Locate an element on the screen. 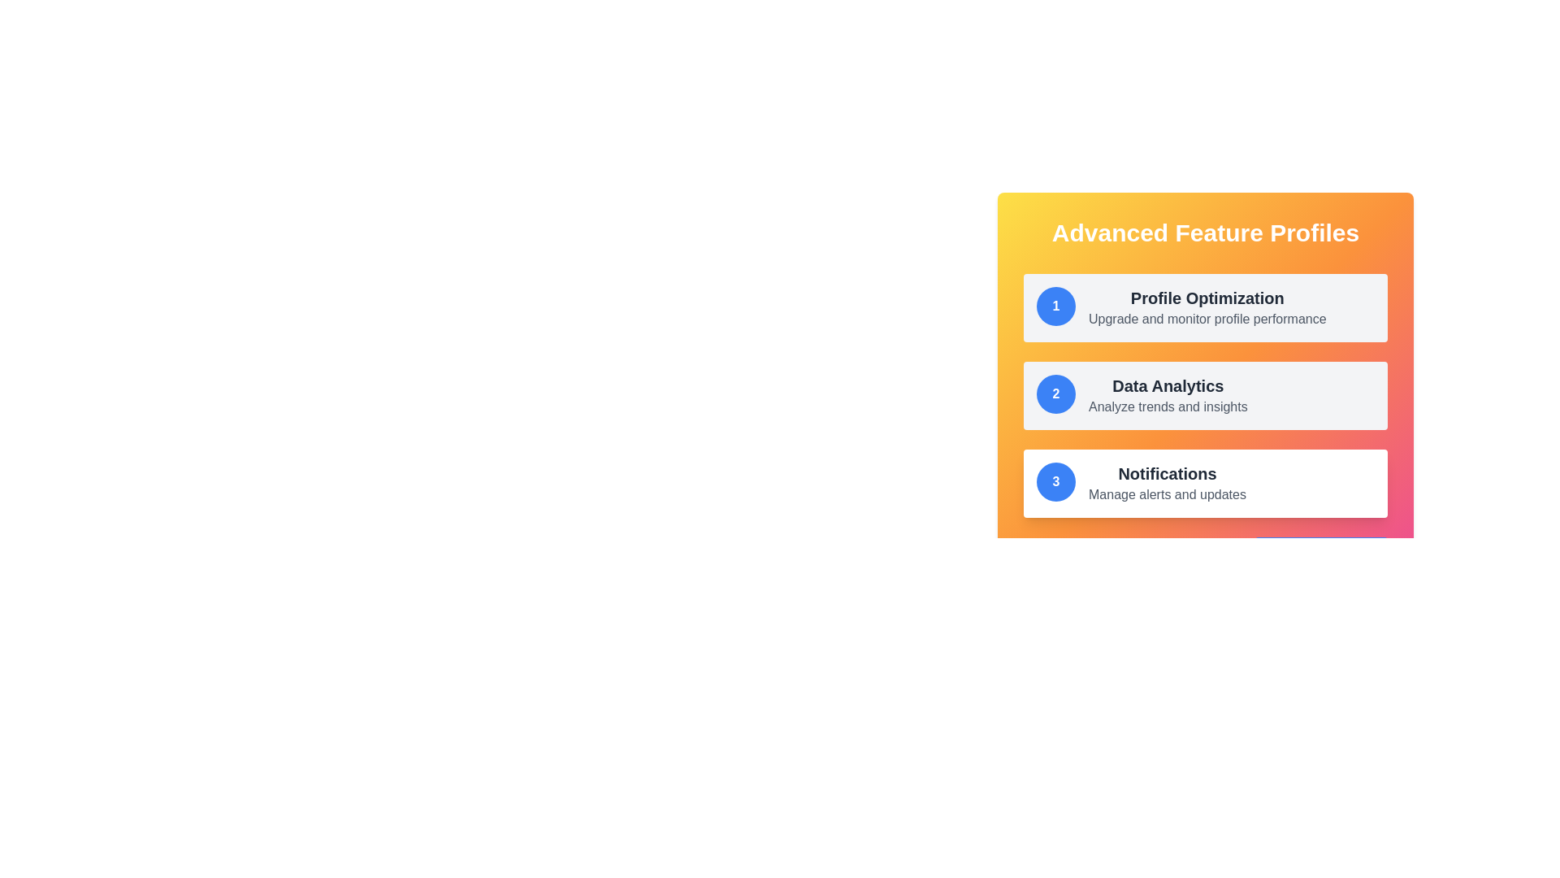 This screenshot has width=1560, height=878. the 'Profile Optimization' card in the 'Advanced Feature Profiles' section, which is the first card in the list is located at coordinates (1205, 307).